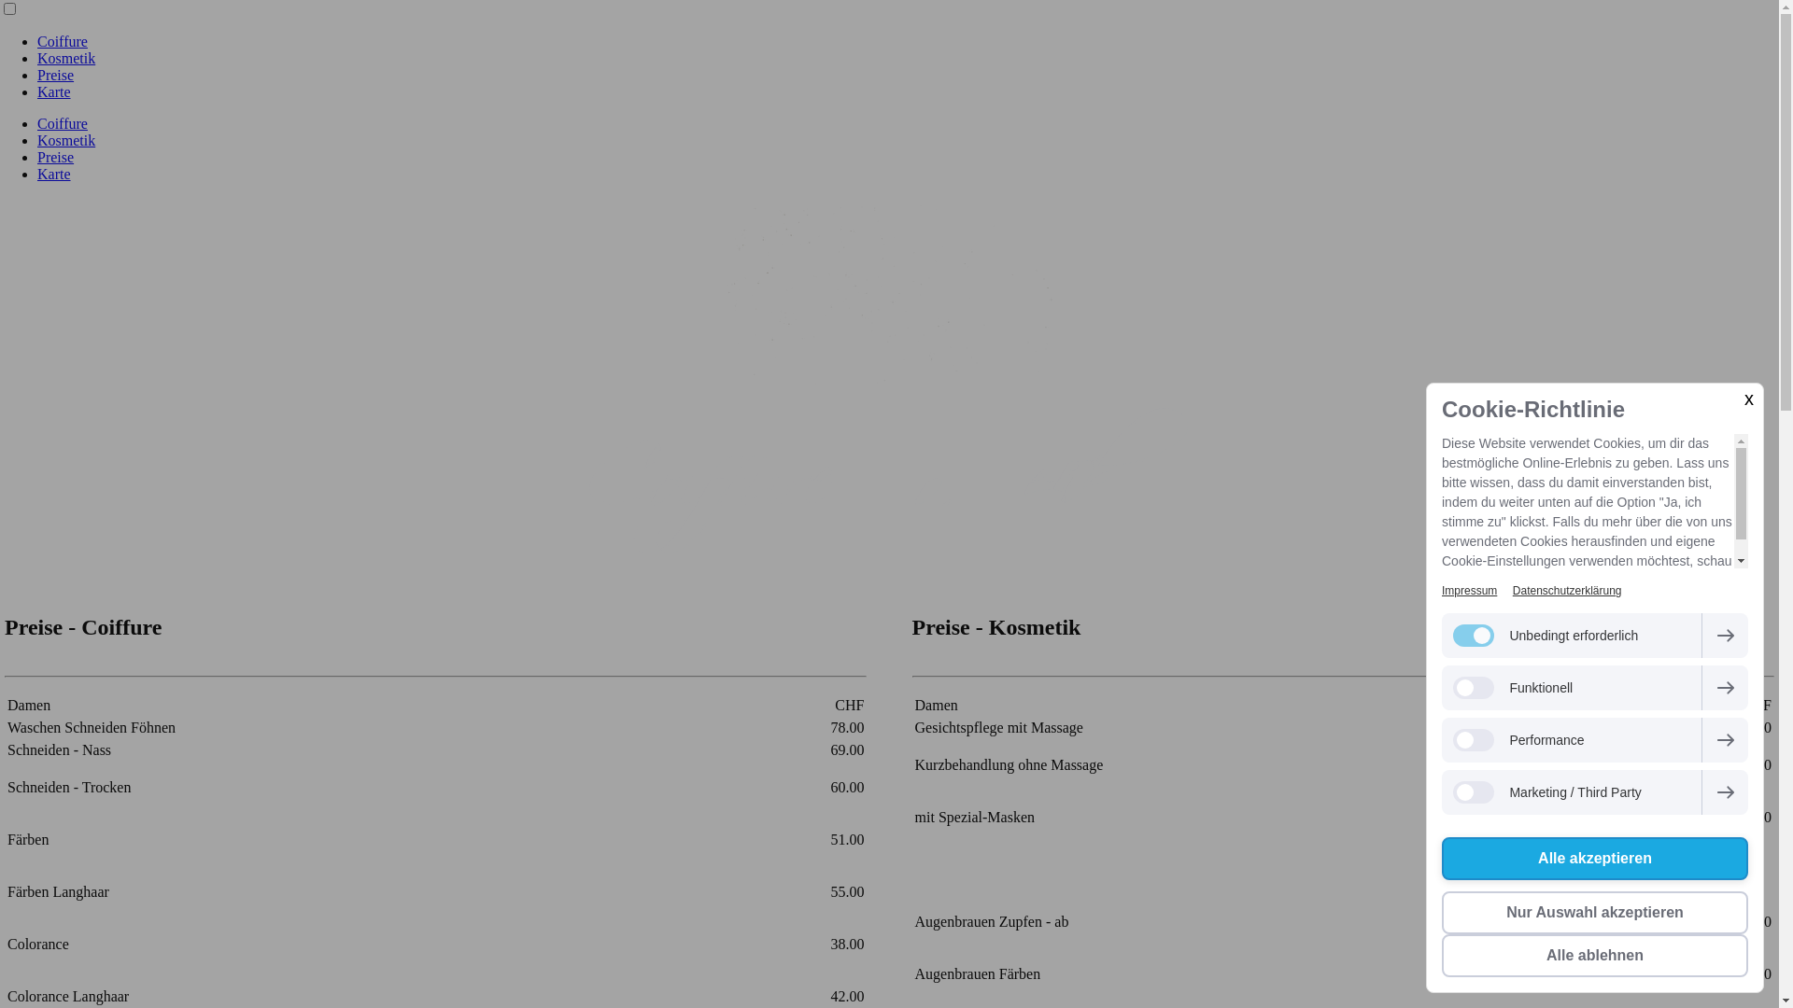 This screenshot has width=1793, height=1008. What do you see at coordinates (66, 139) in the screenshot?
I see `'Kosmetik'` at bounding box center [66, 139].